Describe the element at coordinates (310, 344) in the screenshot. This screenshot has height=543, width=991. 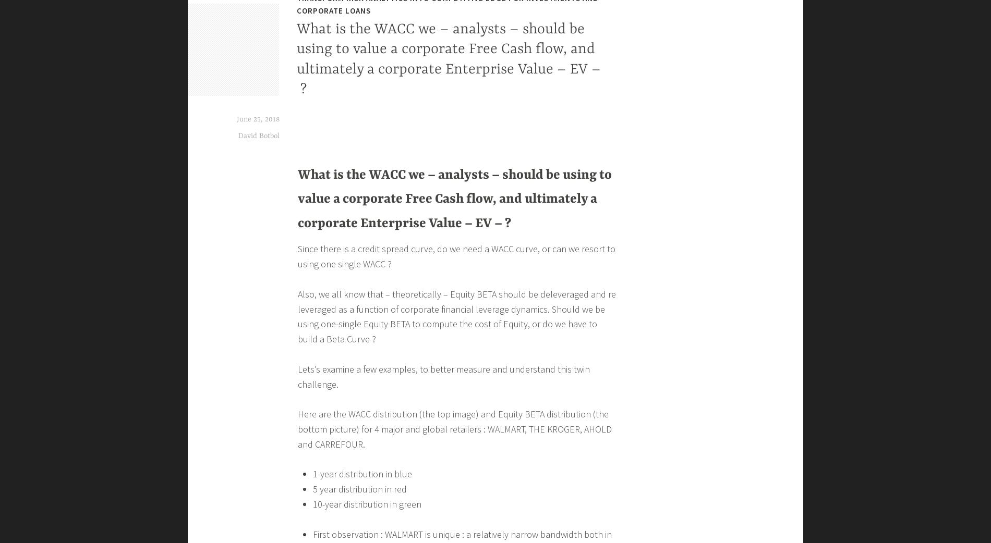
I see `'Loading...'` at that location.